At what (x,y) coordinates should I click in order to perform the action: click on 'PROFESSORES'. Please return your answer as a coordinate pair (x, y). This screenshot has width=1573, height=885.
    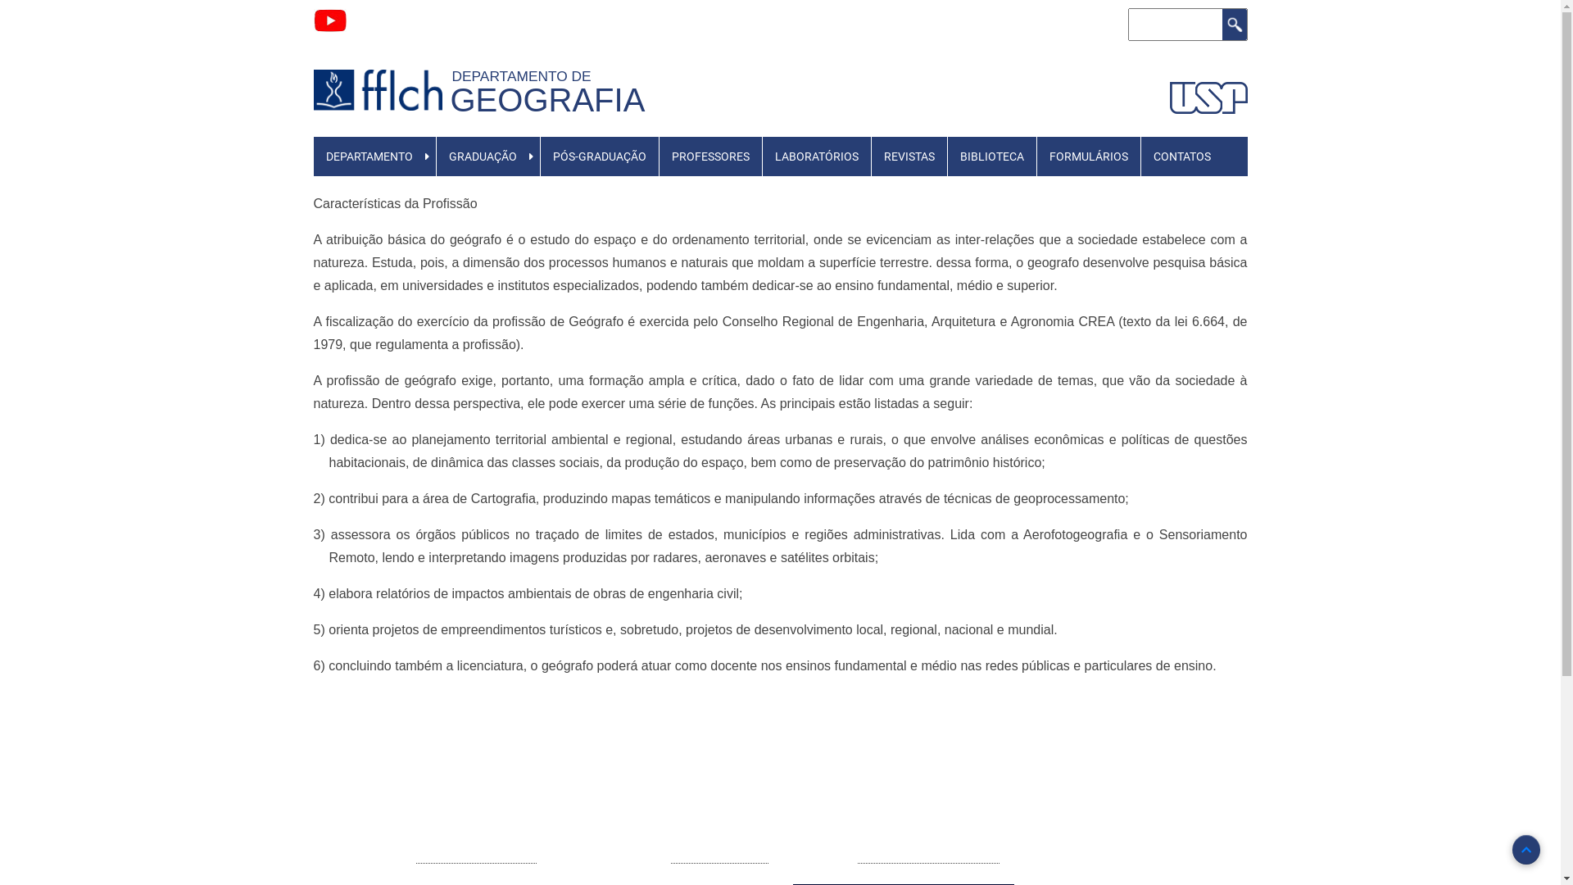
    Looking at the image, I should click on (710, 157).